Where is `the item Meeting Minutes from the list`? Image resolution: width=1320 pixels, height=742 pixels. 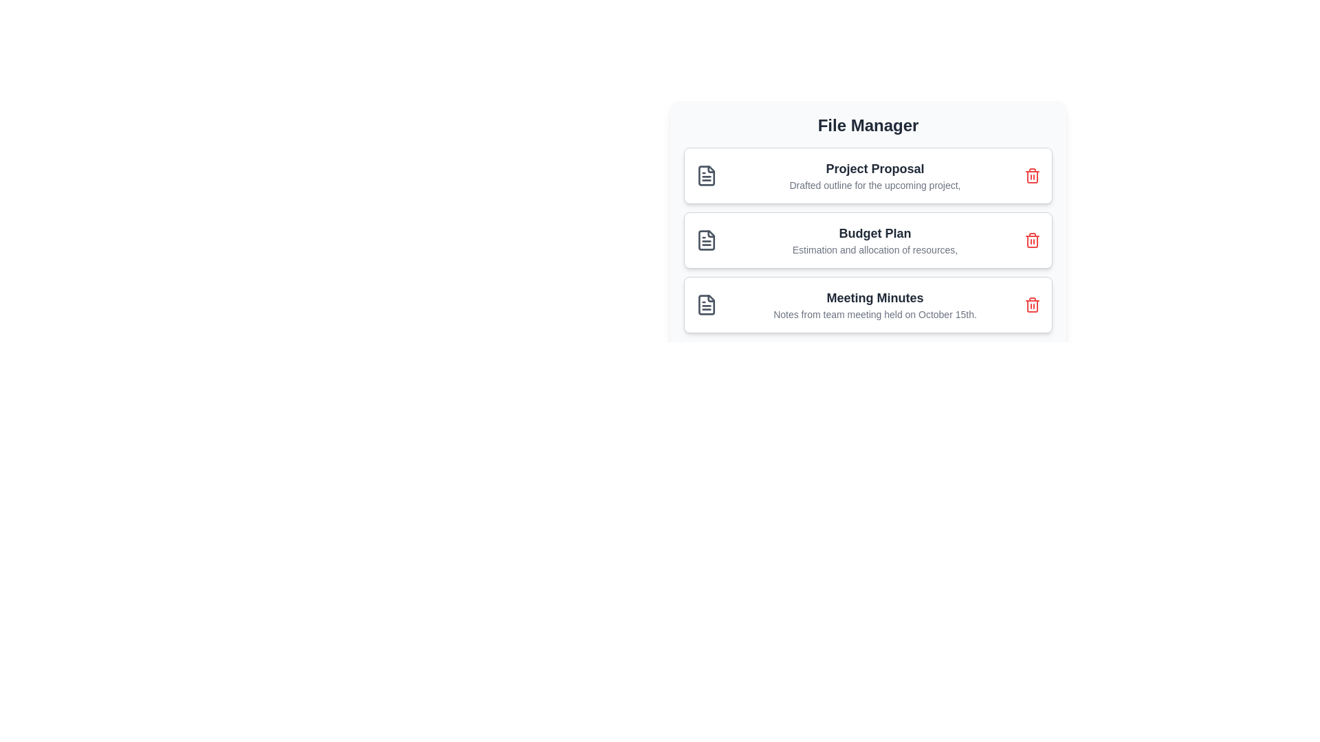
the item Meeting Minutes from the list is located at coordinates (867, 304).